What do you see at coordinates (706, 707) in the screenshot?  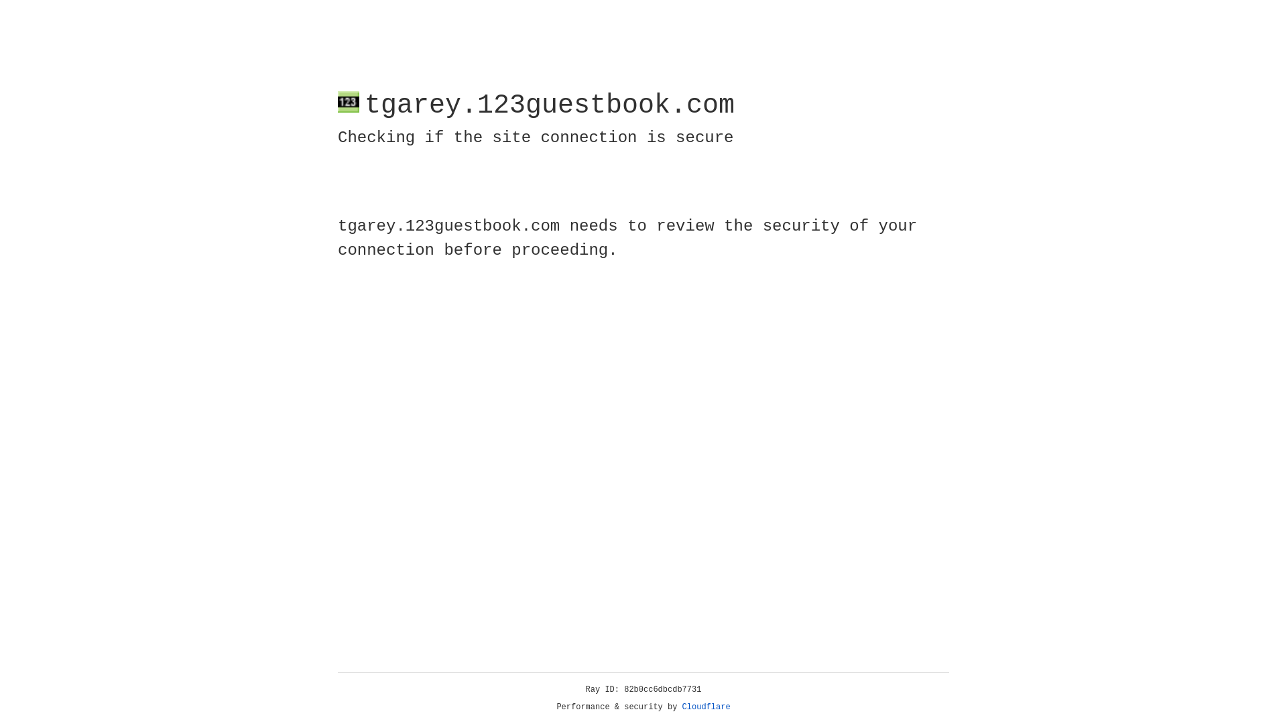 I see `'Cloudflare'` at bounding box center [706, 707].